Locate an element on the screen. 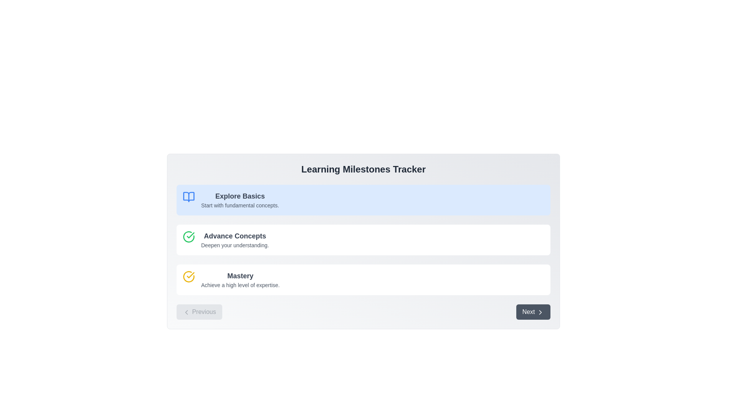 The width and height of the screenshot is (737, 414). the text header labeled 'Learning Milestones Tracker' which is displayed in large, bold, dark gray font at the top of the section is located at coordinates (363, 169).